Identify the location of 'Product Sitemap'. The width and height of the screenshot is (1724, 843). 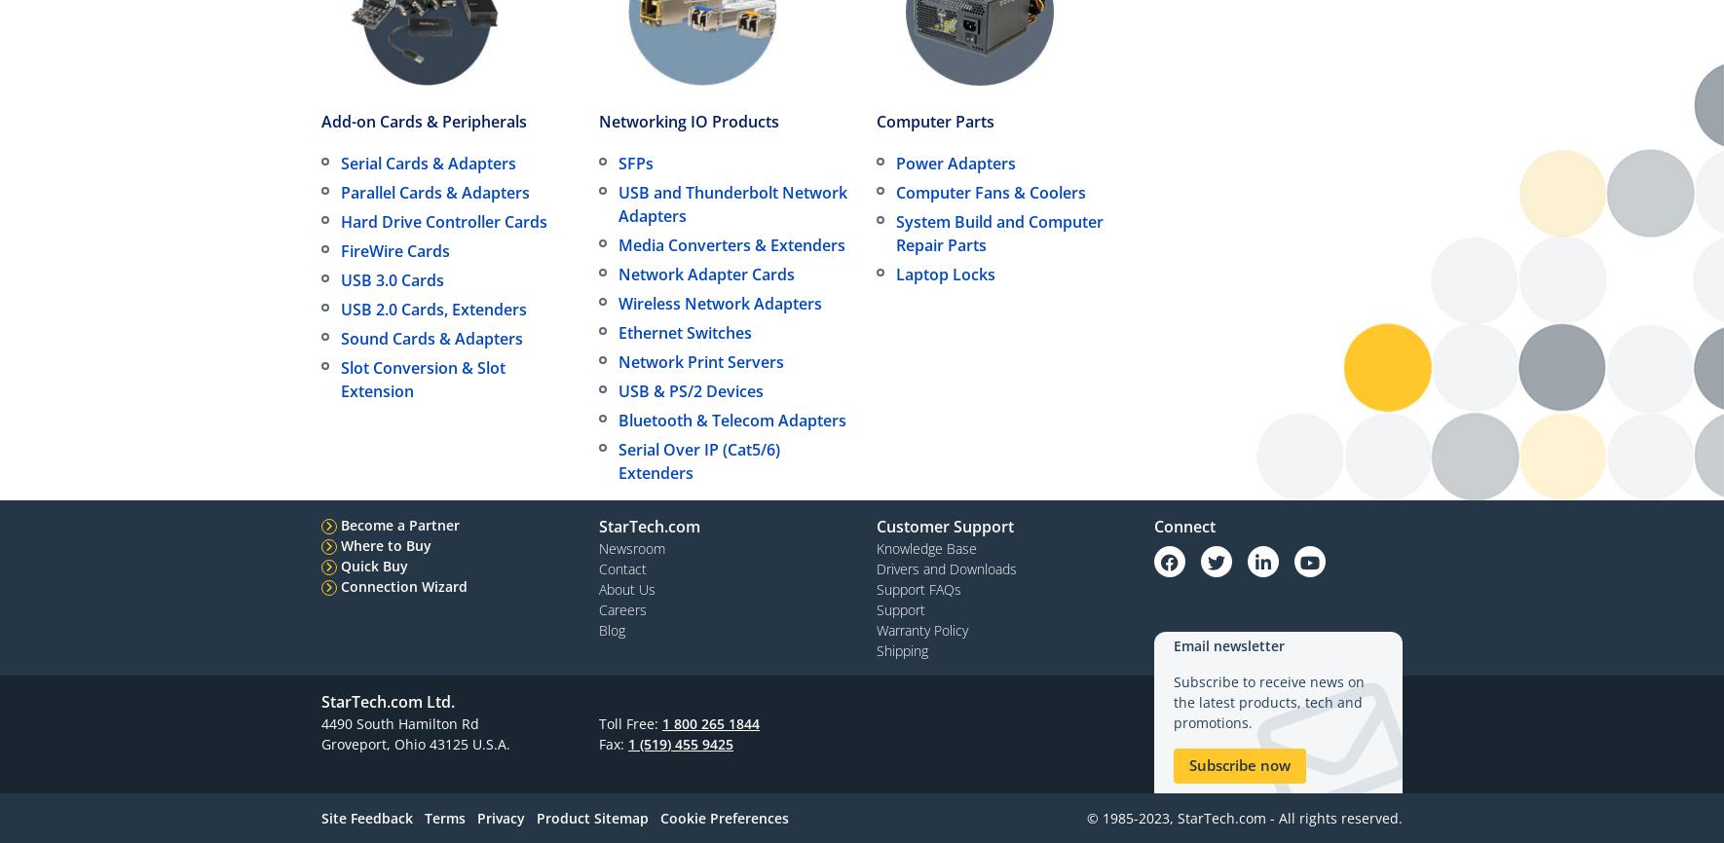
(591, 817).